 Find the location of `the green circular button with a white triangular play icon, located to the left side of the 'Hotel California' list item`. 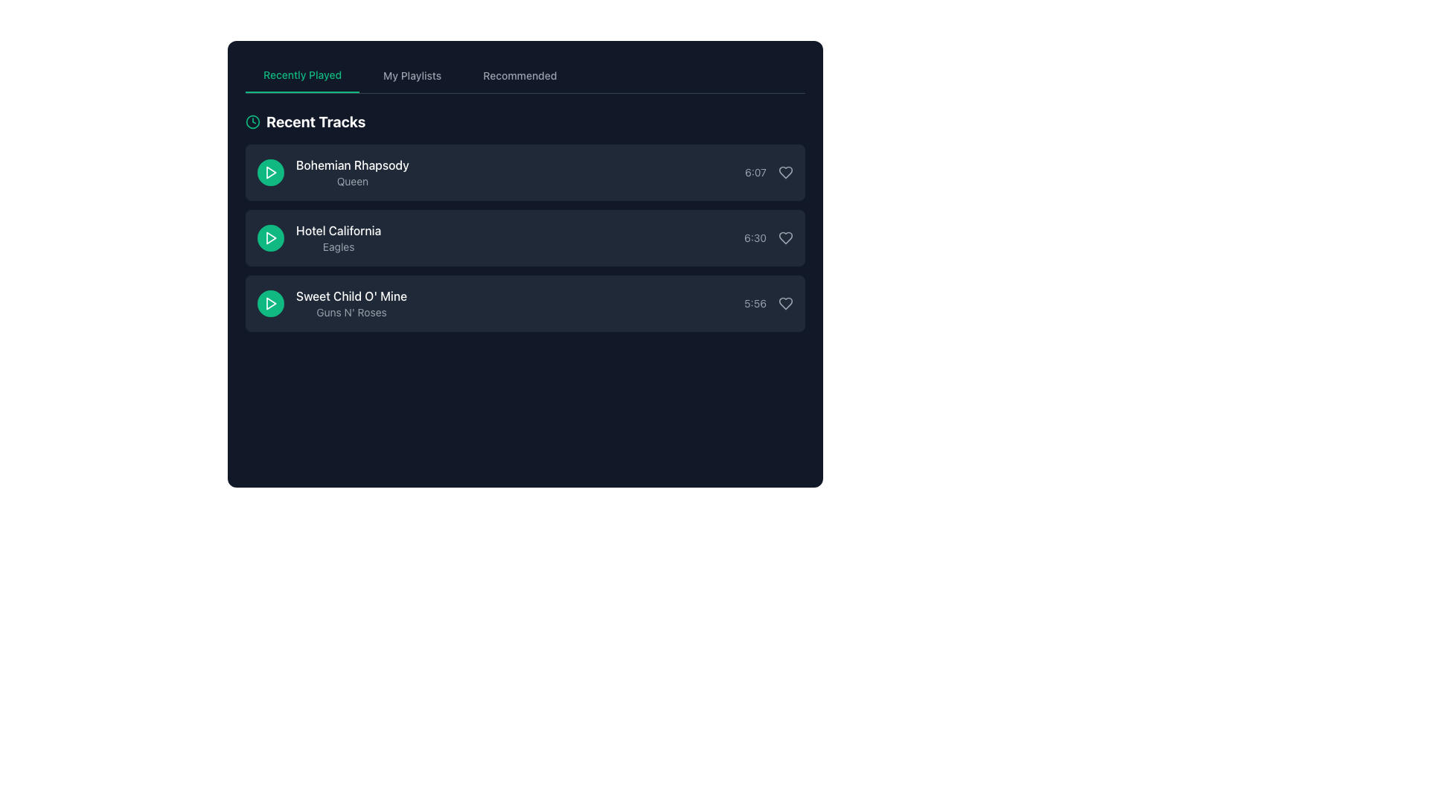

the green circular button with a white triangular play icon, located to the left side of the 'Hotel California' list item is located at coordinates (271, 237).